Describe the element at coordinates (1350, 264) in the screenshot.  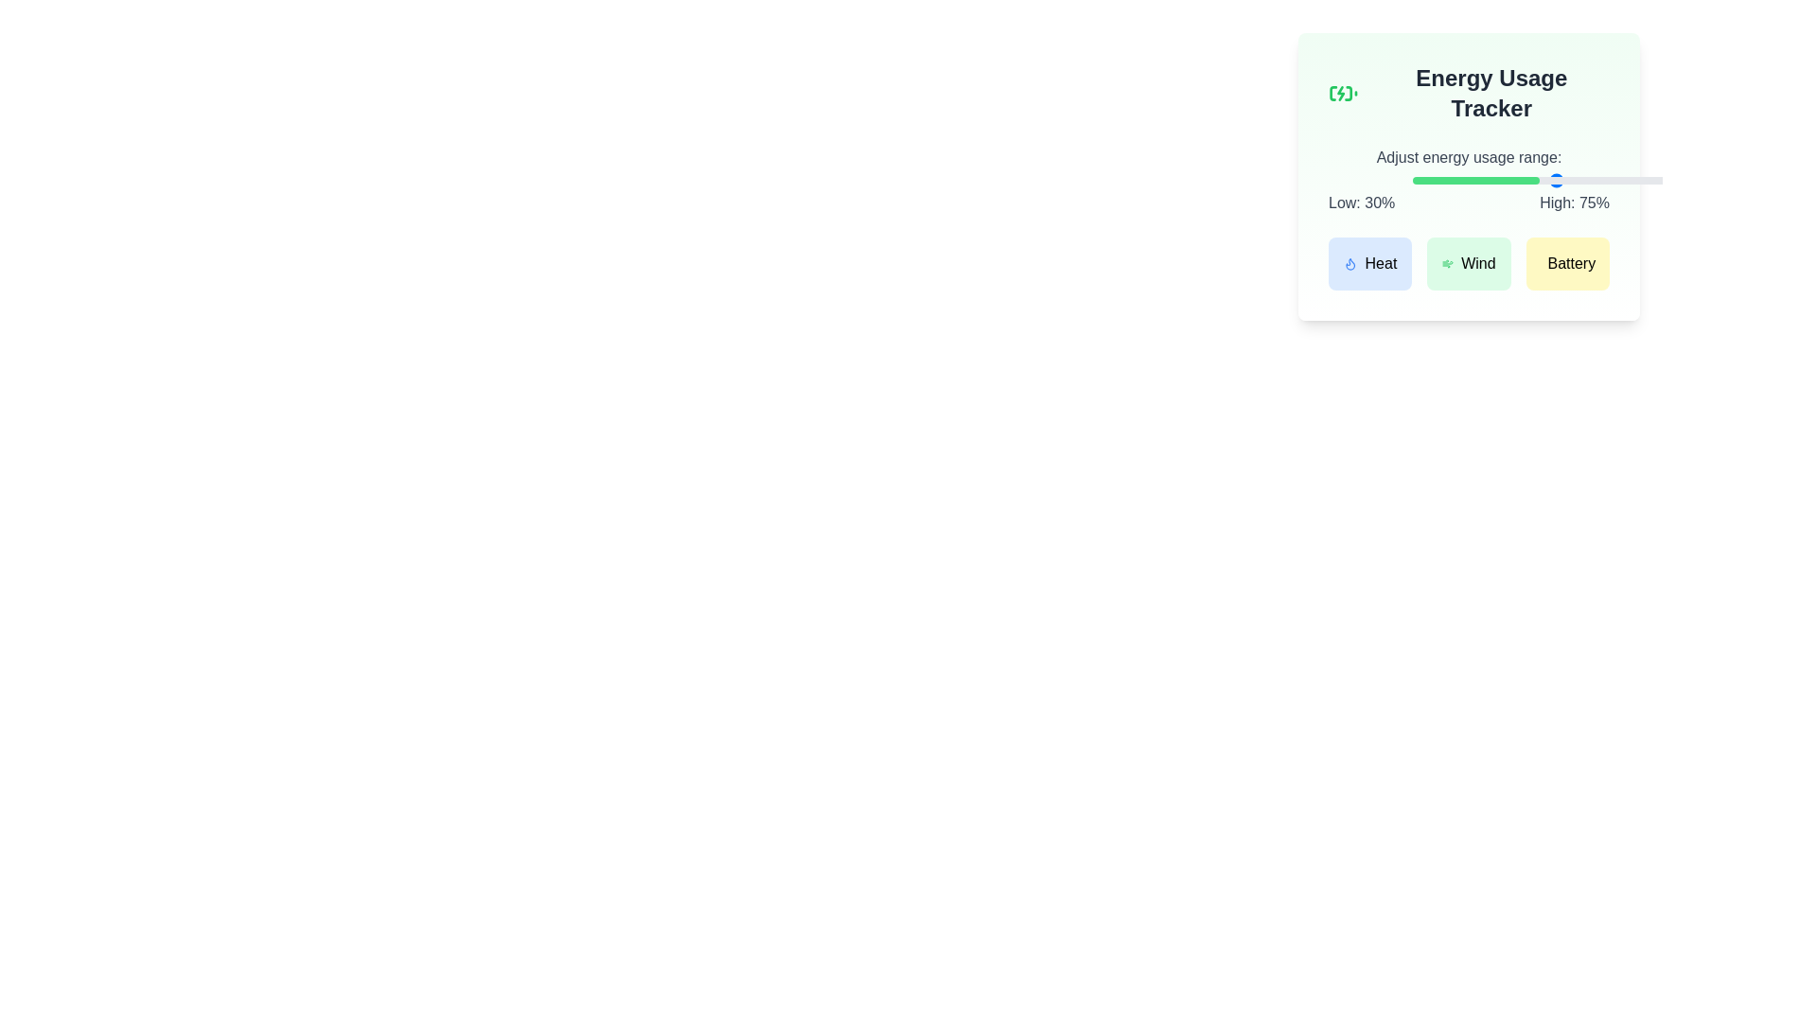
I see `the flame-shaped icon with a blue outline, located within the card labeled 'Energy Usage Tracker', positioned near the top-left corner of the card` at that location.